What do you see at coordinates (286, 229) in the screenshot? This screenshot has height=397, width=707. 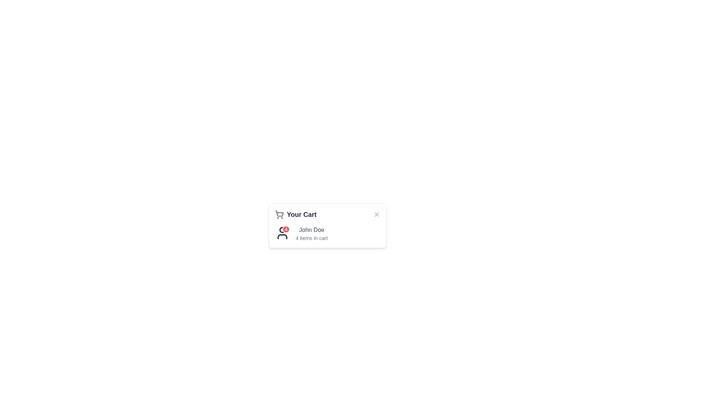 I see `the small circular badge displaying the number '4' with white text over a red background, located at the top-right corner of the user icon` at bounding box center [286, 229].